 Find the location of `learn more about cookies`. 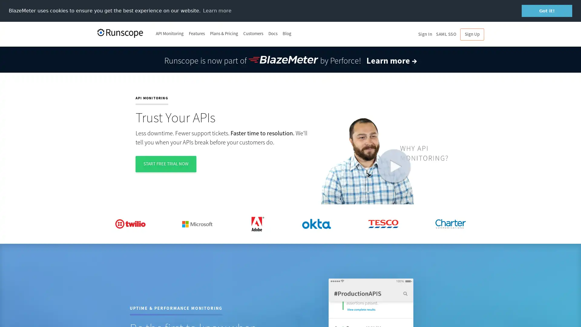

learn more about cookies is located at coordinates (217, 10).